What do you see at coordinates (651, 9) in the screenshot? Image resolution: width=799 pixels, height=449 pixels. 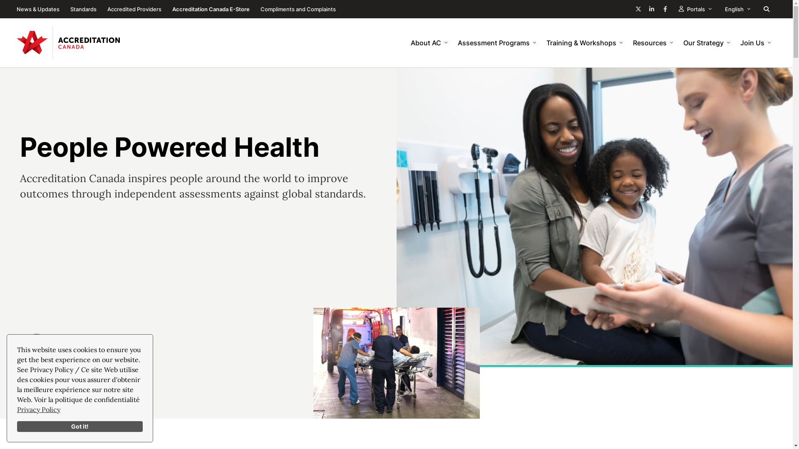 I see `'LinkedIn'` at bounding box center [651, 9].